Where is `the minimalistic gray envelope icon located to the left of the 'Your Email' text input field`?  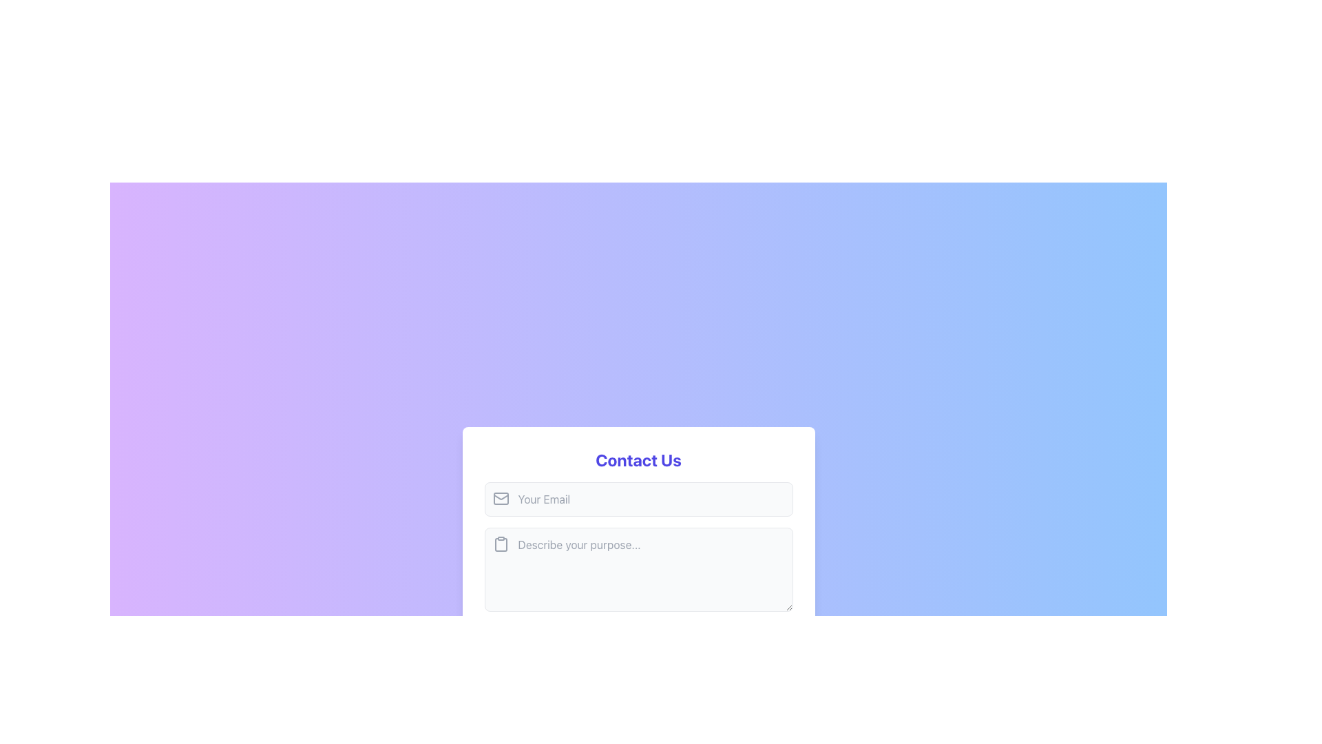
the minimalistic gray envelope icon located to the left of the 'Your Email' text input field is located at coordinates (500, 499).